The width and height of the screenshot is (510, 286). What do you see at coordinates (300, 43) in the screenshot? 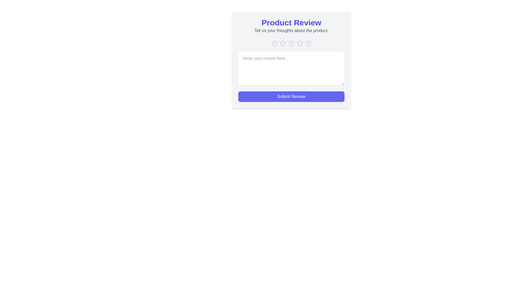
I see `the fourth star in the rating system` at bounding box center [300, 43].